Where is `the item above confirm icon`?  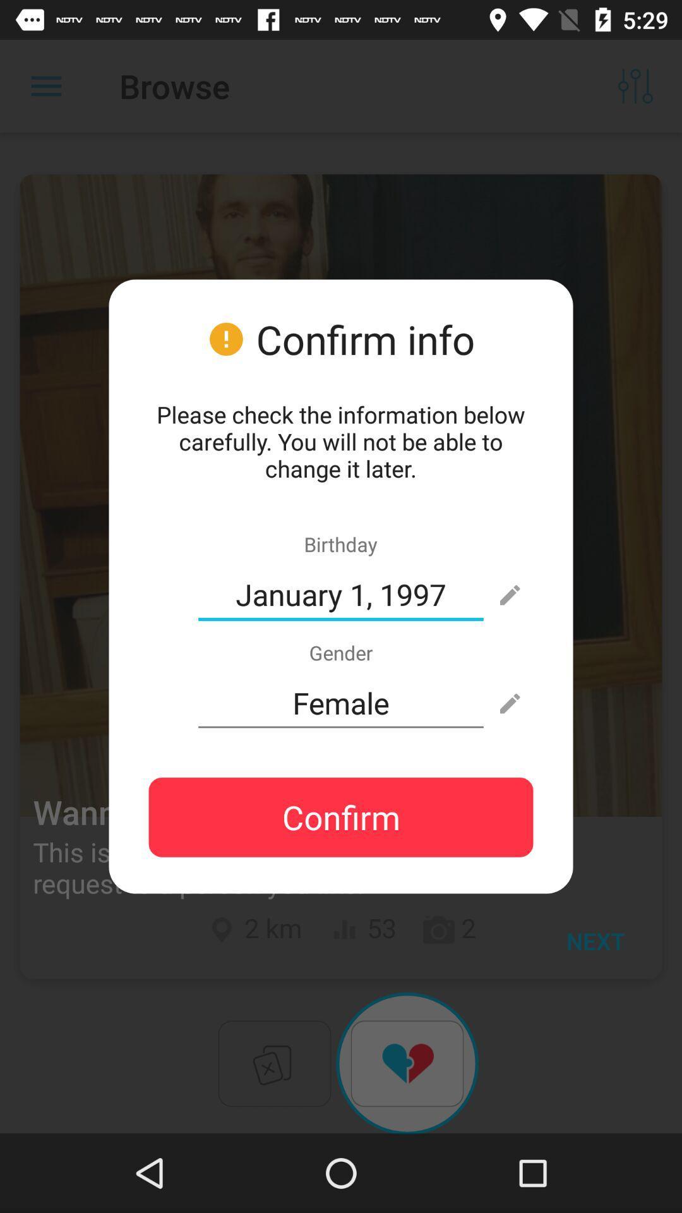
the item above confirm icon is located at coordinates (341, 703).